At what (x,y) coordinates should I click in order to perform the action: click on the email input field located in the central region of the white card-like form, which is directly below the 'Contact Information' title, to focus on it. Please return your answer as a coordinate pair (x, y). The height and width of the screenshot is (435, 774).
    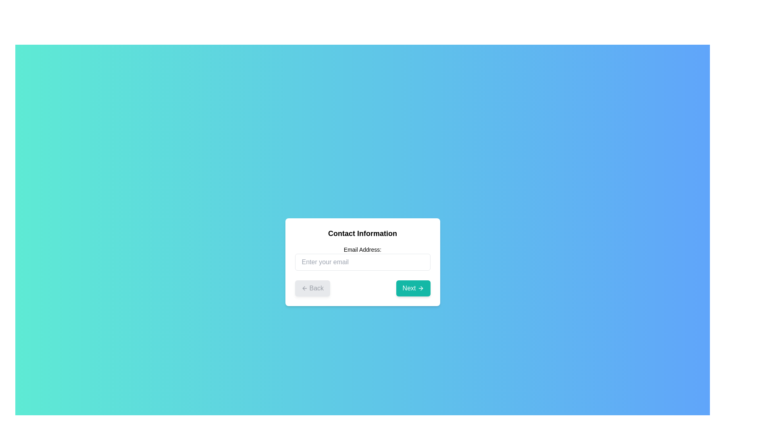
    Looking at the image, I should click on (362, 258).